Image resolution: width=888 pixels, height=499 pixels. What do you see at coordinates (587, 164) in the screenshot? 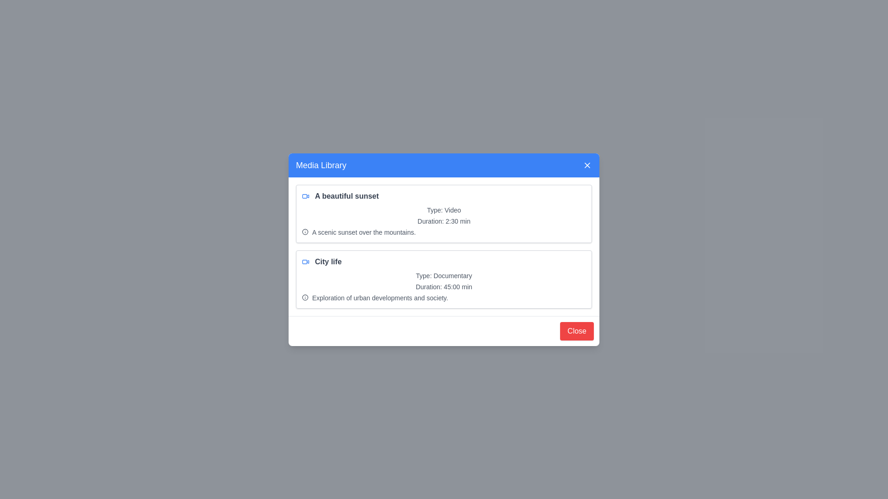
I see `the close button located in the top-right corner of the blue header bar labeled 'Media Library'` at bounding box center [587, 164].